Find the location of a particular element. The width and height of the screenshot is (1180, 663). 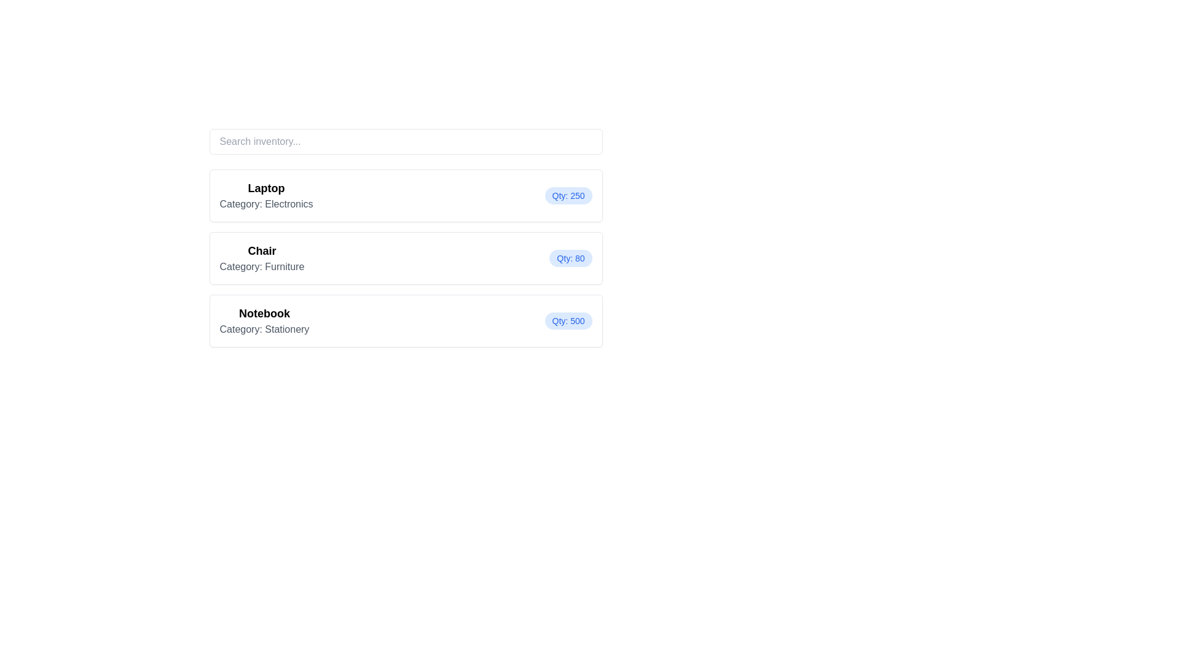

heading labeled 'Chair' which is displayed in bold and slightly larger font size, indicating it is a title above the subtitle 'Category: Furniture' is located at coordinates (261, 250).